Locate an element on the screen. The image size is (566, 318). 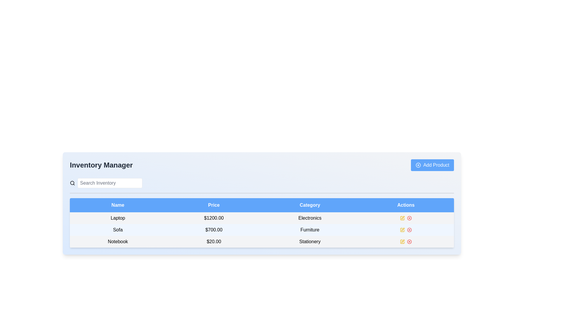
the 'Category' text label, which is displayed in white on a light blue background, positioned between 'Price' and 'Actions' in the header row of a table is located at coordinates (310, 205).